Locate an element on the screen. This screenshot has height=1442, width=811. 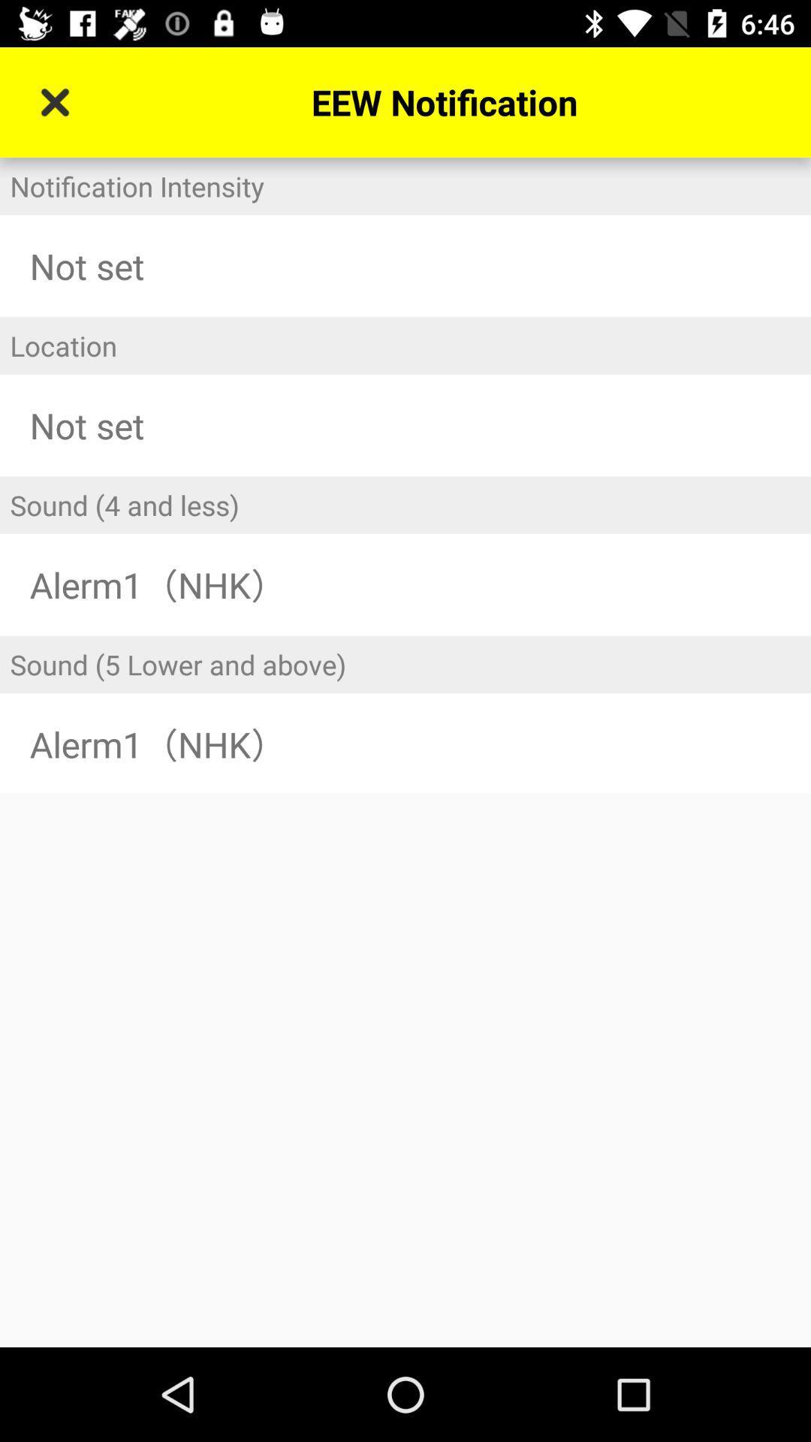
the notification intensity is located at coordinates (405, 186).